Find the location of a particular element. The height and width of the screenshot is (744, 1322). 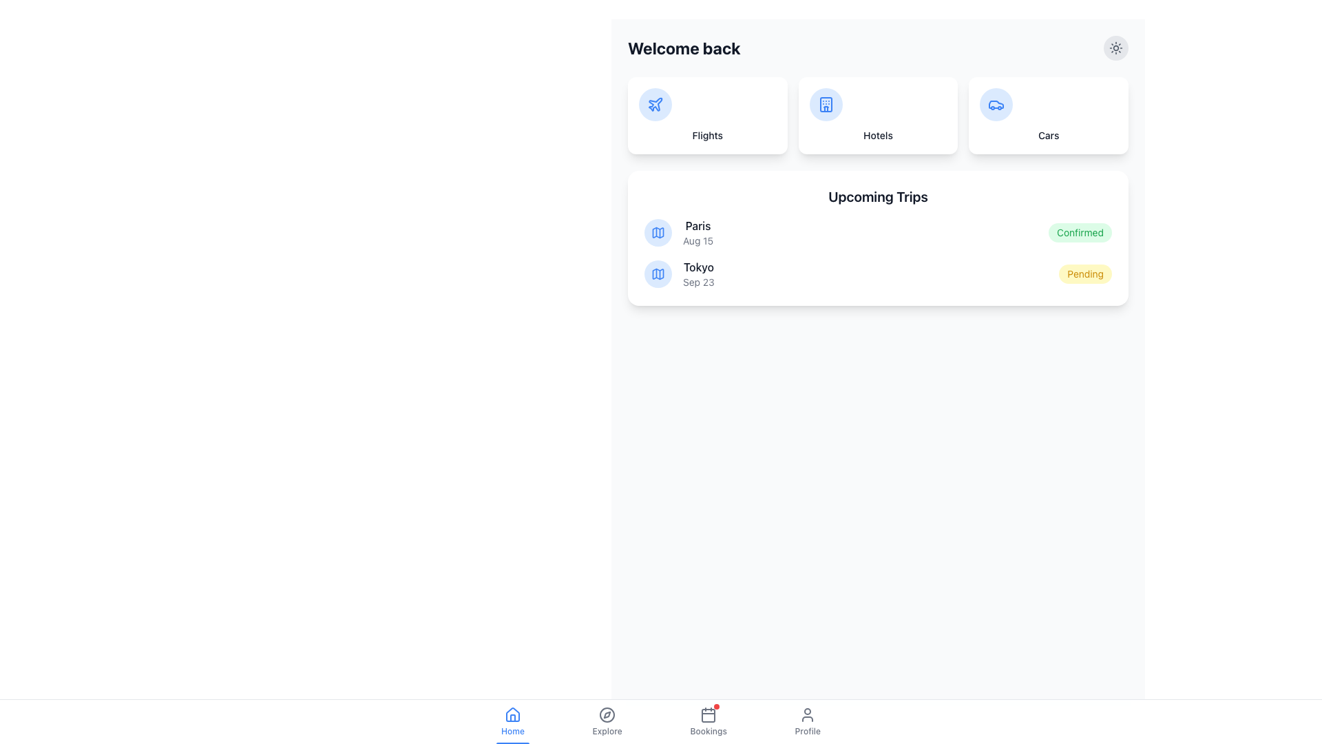

the compass icon in the bottom navigation bar, located in the 'Explore' tab section is located at coordinates (607, 714).